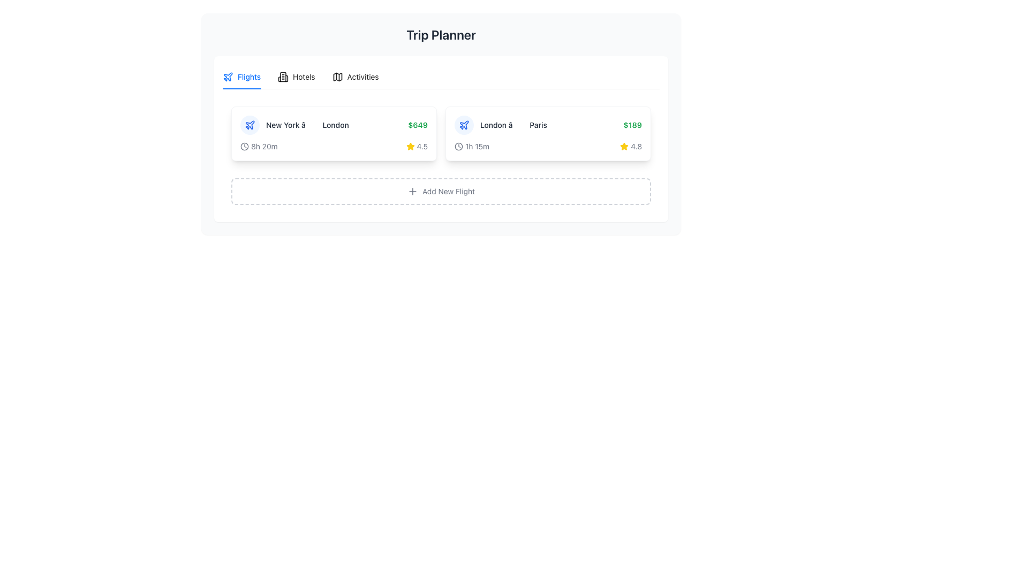 The height and width of the screenshot is (578, 1028). Describe the element at coordinates (250, 124) in the screenshot. I see `the stylized airplane icon located in the 'Flights' tab of the navigation bar` at that location.